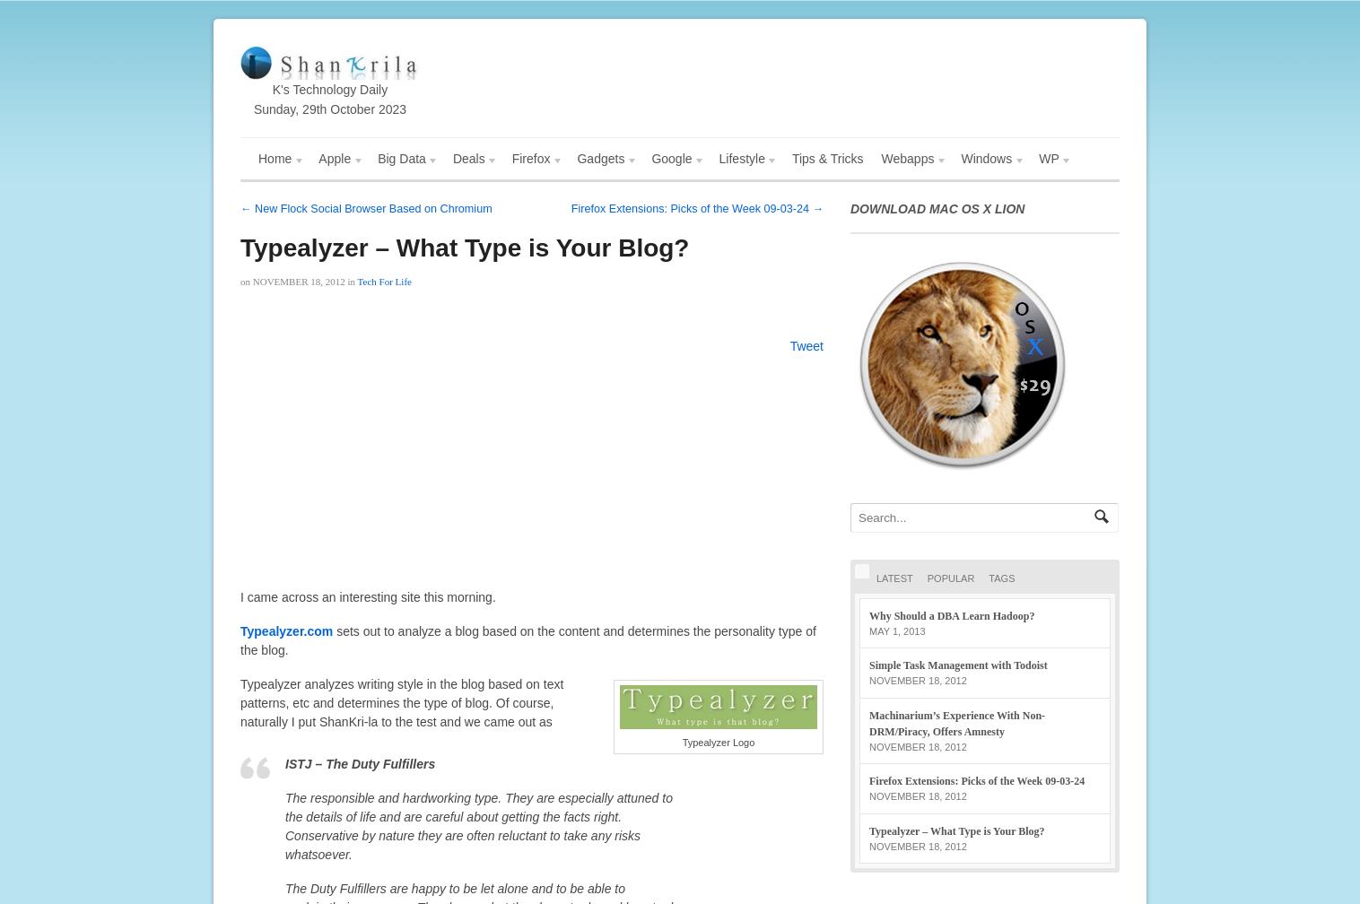  What do you see at coordinates (826, 159) in the screenshot?
I see `'Tips & Tricks'` at bounding box center [826, 159].